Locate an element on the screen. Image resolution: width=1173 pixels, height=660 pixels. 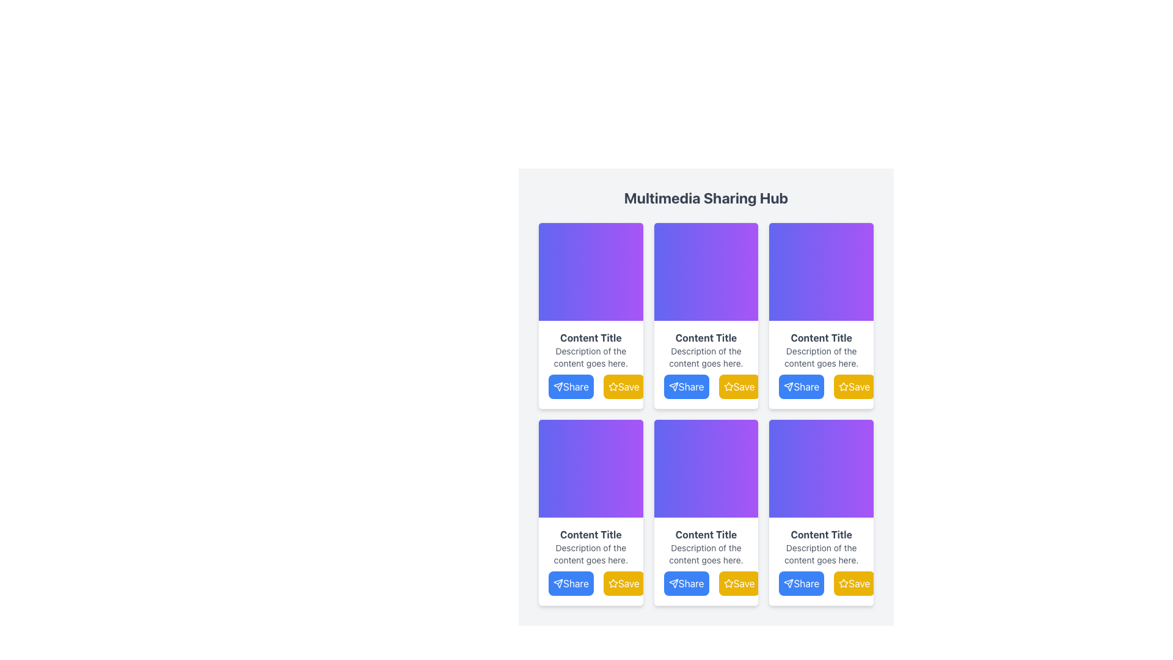
the save button located at the bottom-right of the third card in a grid of cards for keyboard navigation is located at coordinates (624, 583).